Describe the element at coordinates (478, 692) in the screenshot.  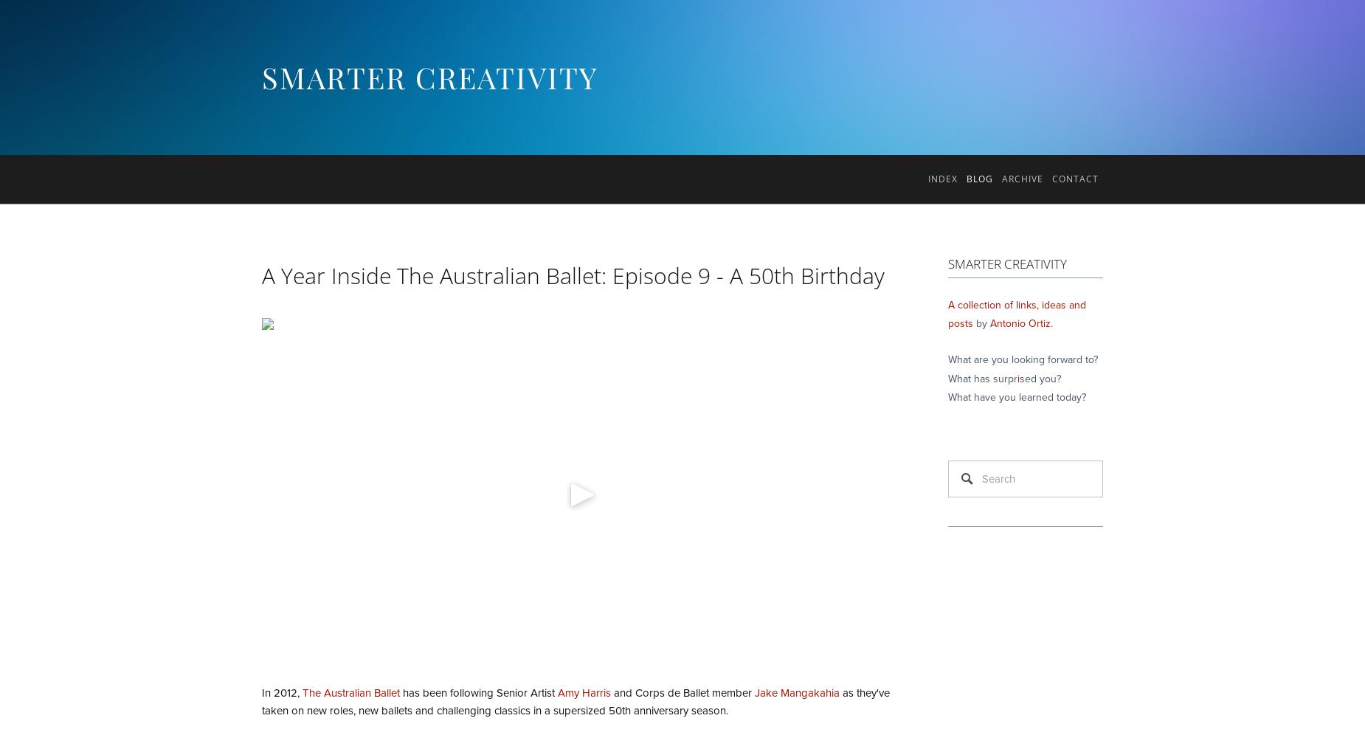
I see `'has been following Senior Artist'` at that location.